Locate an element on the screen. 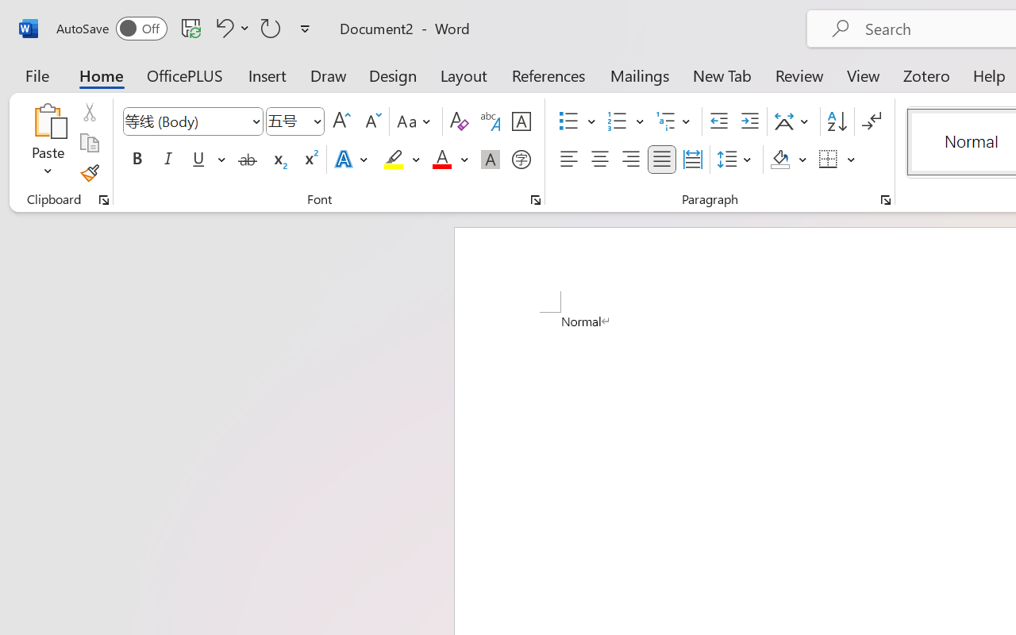 The height and width of the screenshot is (635, 1016). 'View' is located at coordinates (863, 75).